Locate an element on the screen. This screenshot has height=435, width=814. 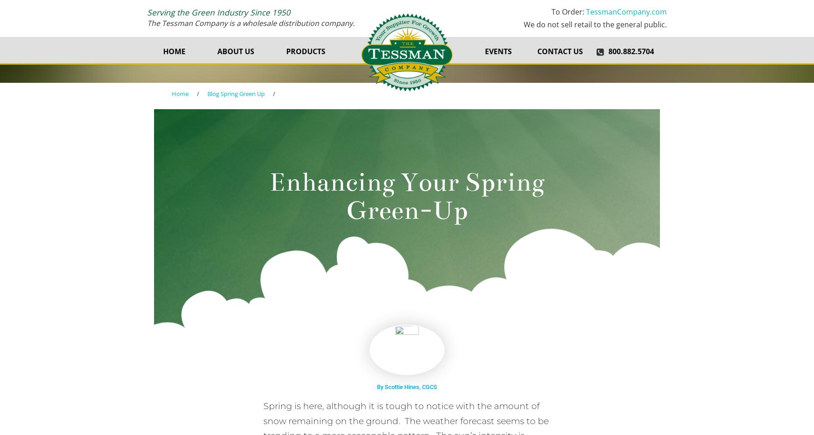
'Serving the Green Industry Since 1950' is located at coordinates (147, 11).